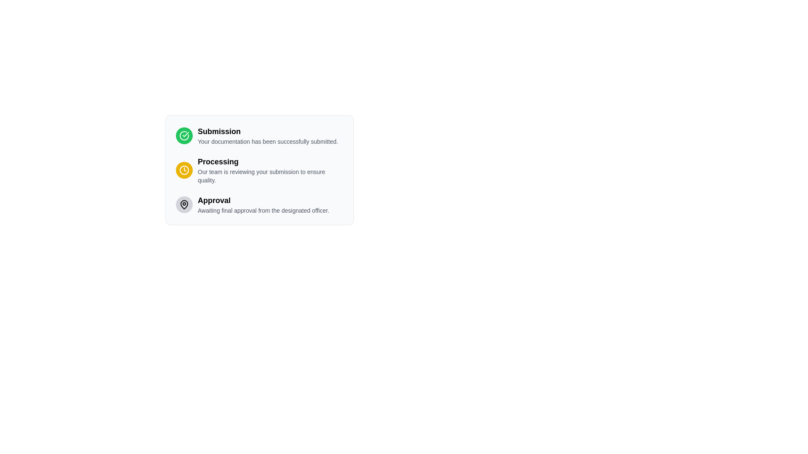  Describe the element at coordinates (259, 170) in the screenshot. I see `the Information Block that consists of three sections labeled 'Submission', 'Processing', and 'Approval', each with distinct icons and descriptive text` at that location.